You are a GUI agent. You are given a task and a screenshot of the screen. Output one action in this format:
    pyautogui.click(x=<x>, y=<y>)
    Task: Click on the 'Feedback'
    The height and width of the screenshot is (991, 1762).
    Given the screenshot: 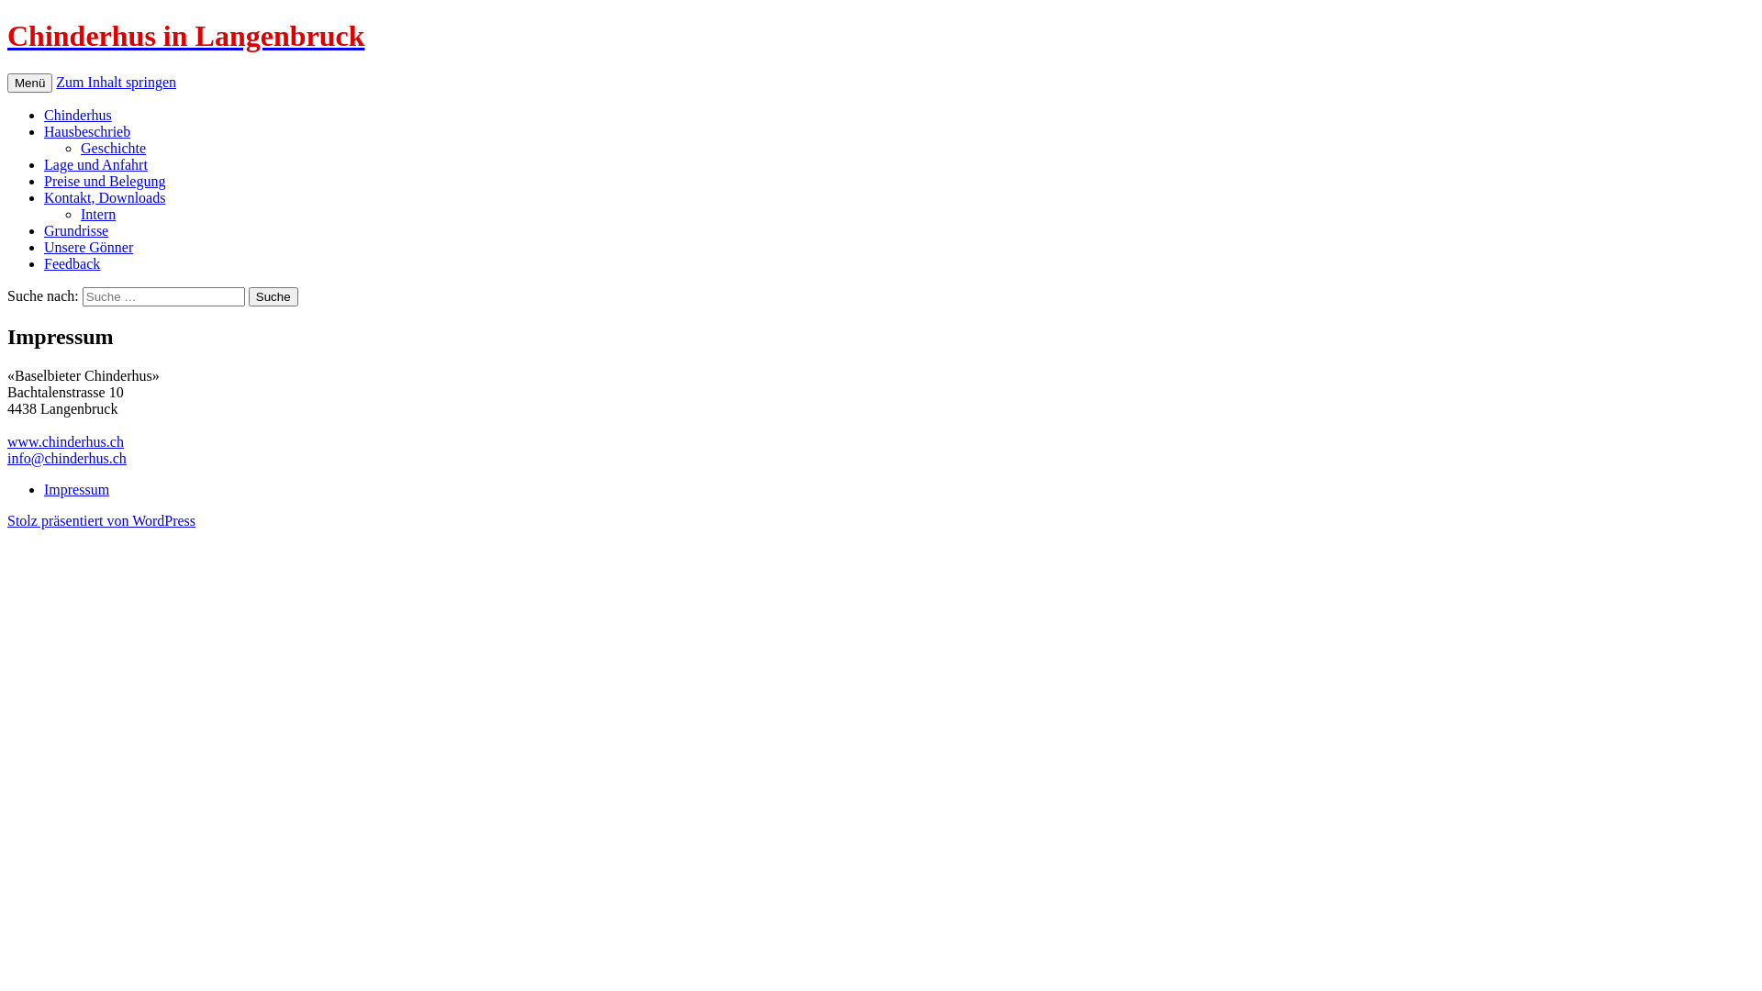 What is the action you would take?
    pyautogui.click(x=72, y=263)
    